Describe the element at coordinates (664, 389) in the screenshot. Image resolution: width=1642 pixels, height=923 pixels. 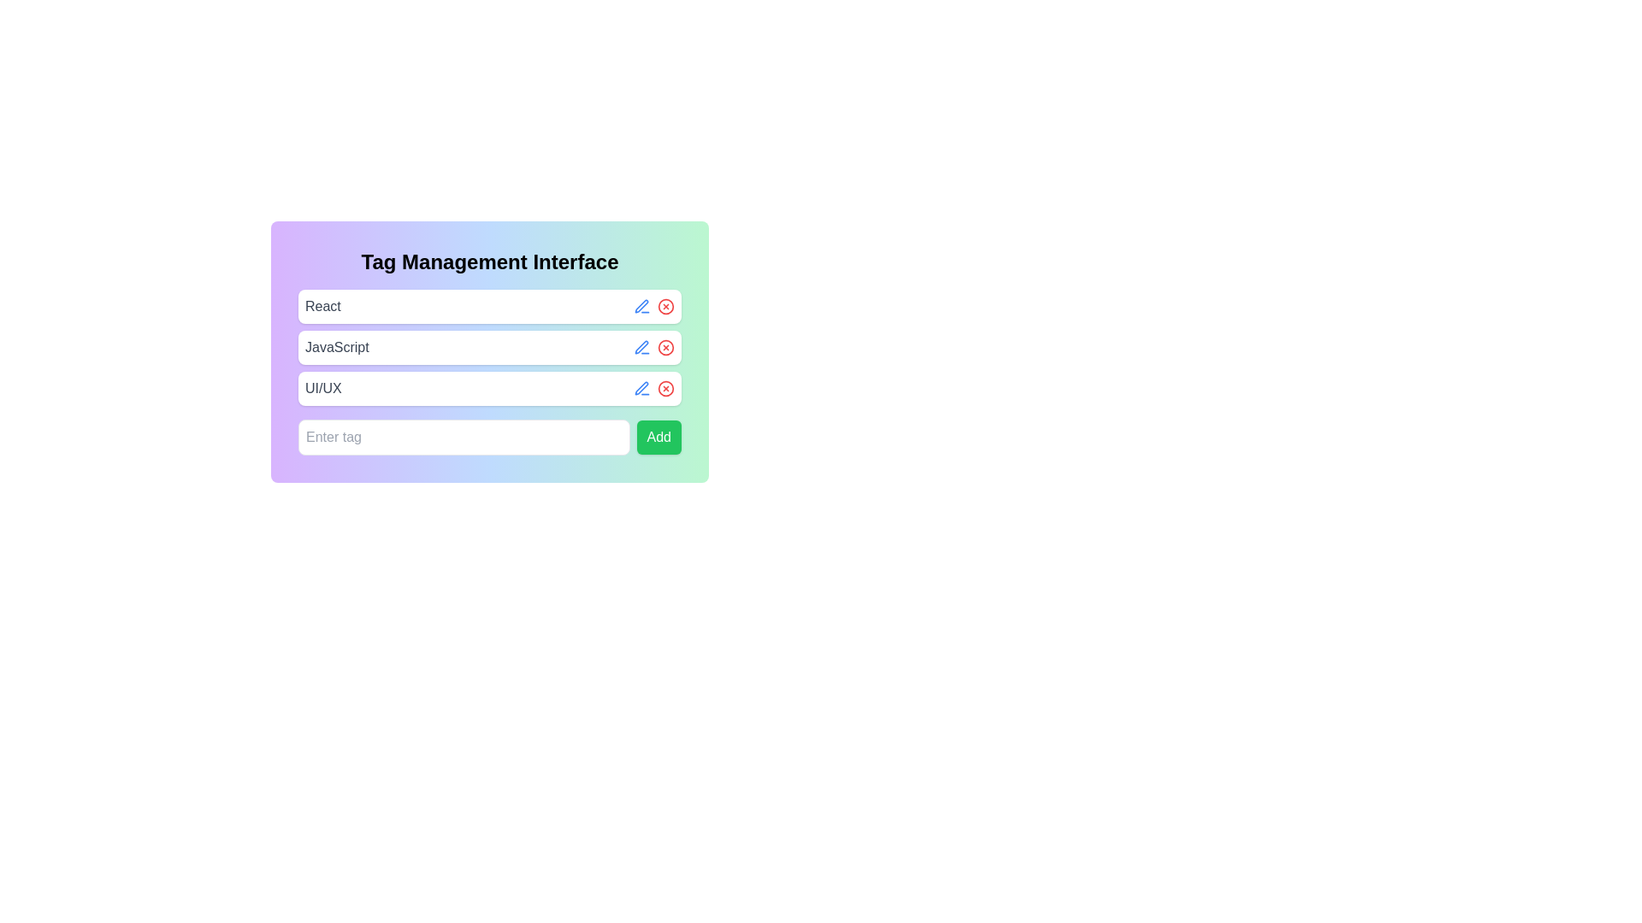
I see `the third interactive button that closes or removes the associated tag or entry` at that location.